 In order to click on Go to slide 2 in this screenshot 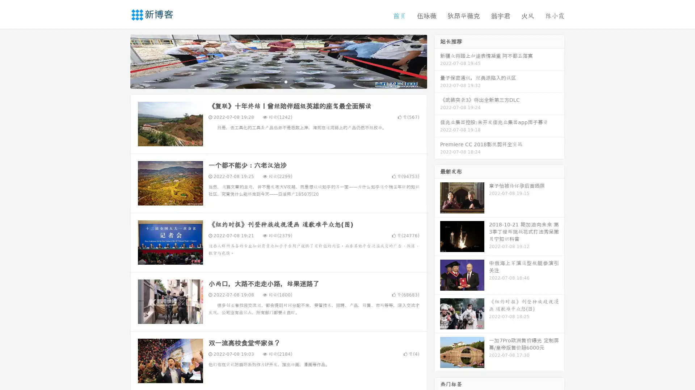, I will do `click(278, 81)`.